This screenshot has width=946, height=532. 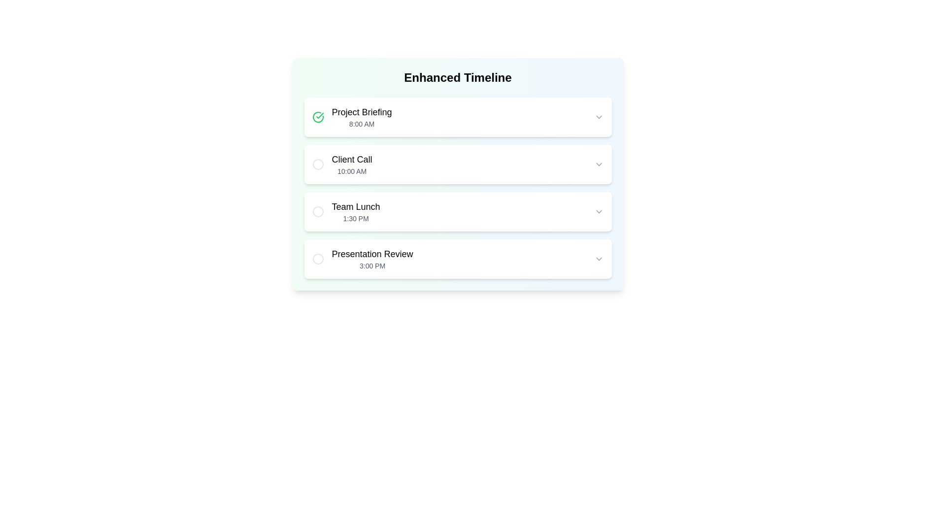 What do you see at coordinates (318, 117) in the screenshot?
I see `the green circular checkmark icon located in the timeline interface for the 'Project Briefing' entry at 8:00 AM` at bounding box center [318, 117].